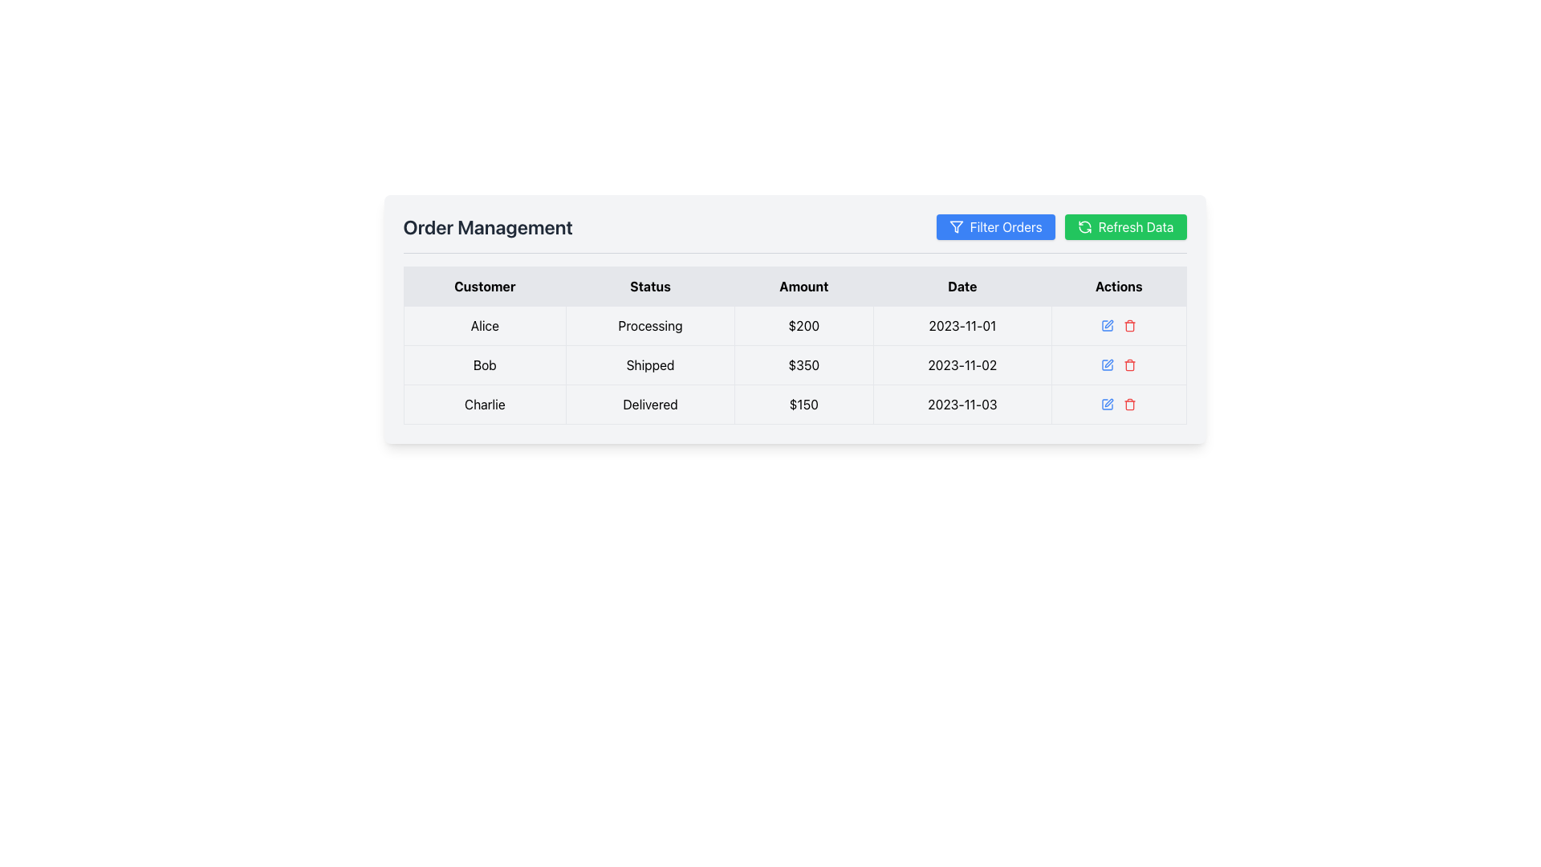  What do you see at coordinates (1118, 286) in the screenshot?
I see `the 'Actions' column header cell in the data table, positioned at the rightmost side after 'Customer', 'Status', 'Amount', and 'Date'` at bounding box center [1118, 286].